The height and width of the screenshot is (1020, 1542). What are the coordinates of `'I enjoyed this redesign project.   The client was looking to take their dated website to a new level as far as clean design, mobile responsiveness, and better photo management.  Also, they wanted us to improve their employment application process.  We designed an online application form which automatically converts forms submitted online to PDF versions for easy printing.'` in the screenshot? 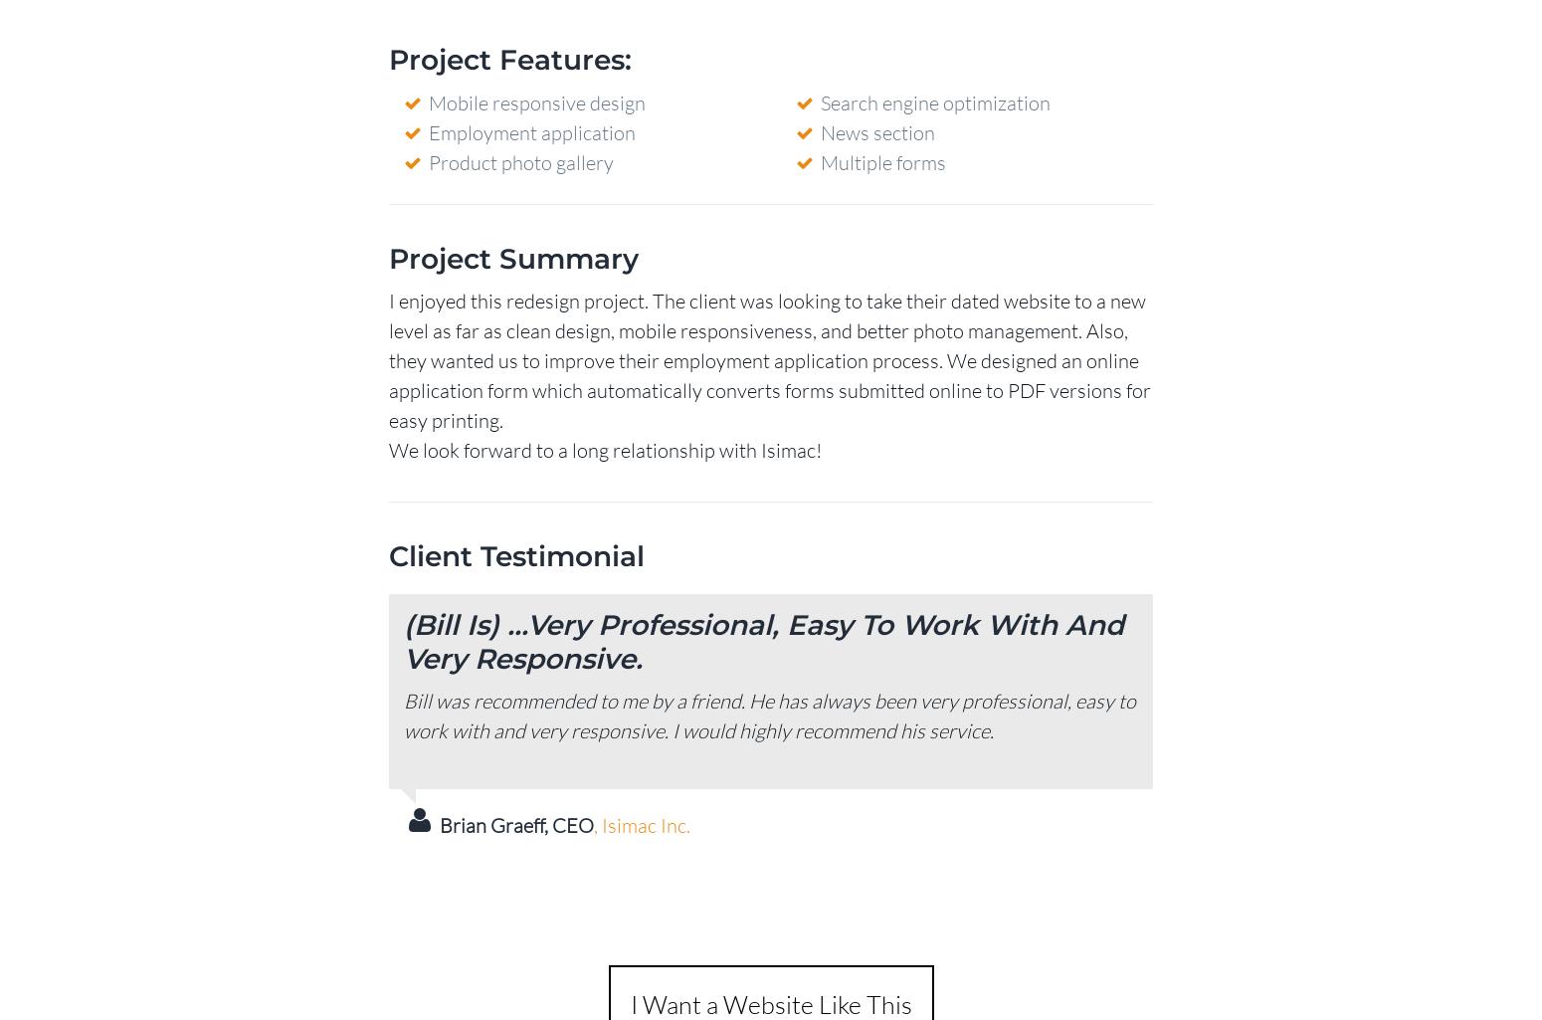 It's located at (389, 358).